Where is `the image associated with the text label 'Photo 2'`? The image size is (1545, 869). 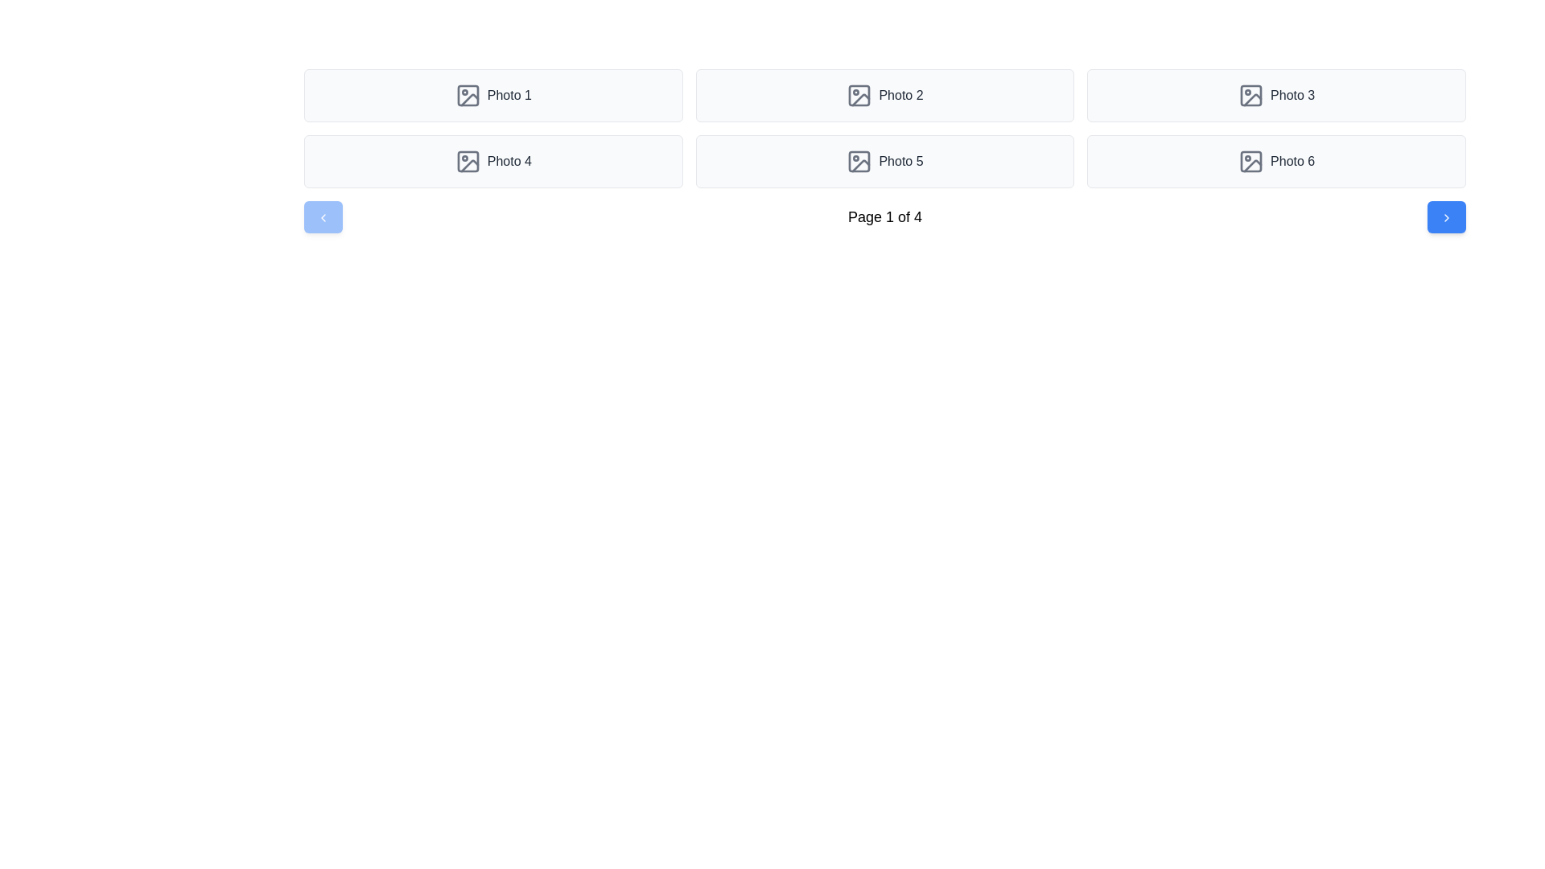
the image associated with the text label 'Photo 2' is located at coordinates (900, 96).